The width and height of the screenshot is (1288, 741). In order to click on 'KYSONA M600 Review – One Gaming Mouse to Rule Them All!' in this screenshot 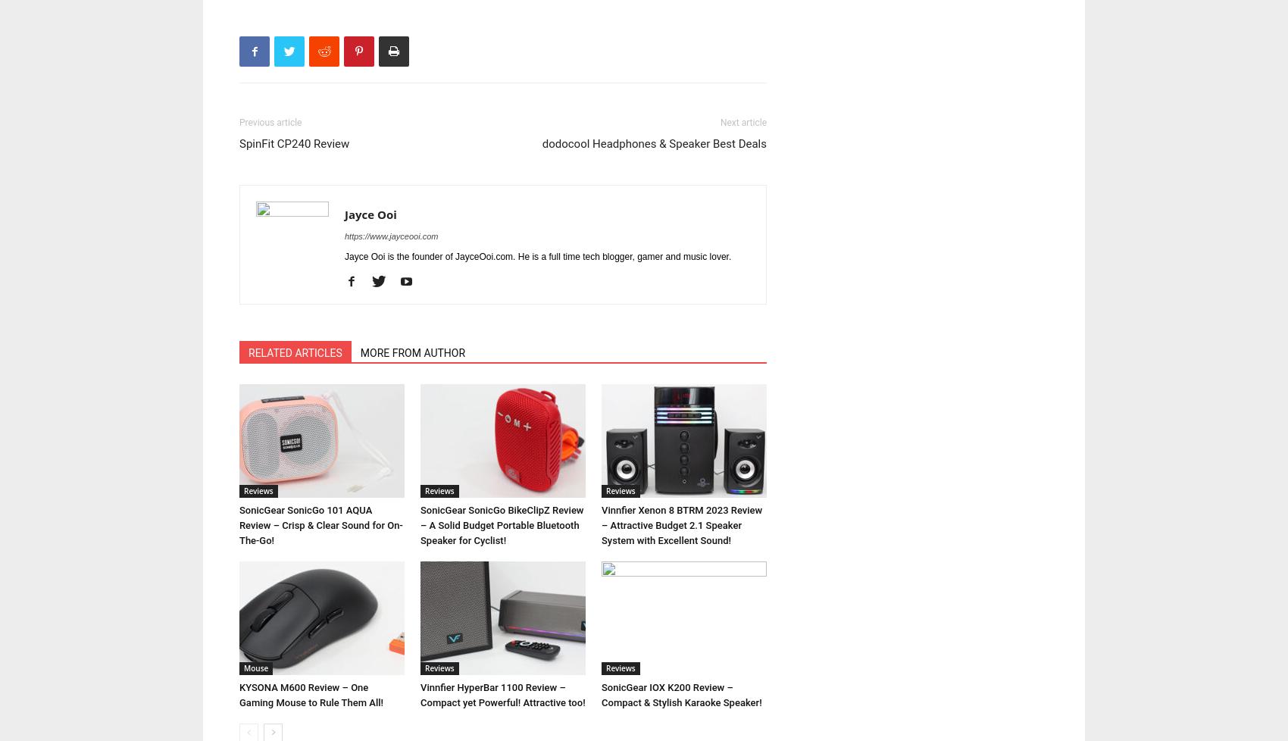, I will do `click(311, 694)`.